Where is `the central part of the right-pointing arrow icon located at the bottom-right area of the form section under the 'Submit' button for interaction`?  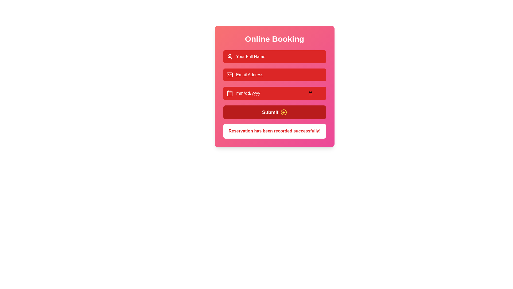
the central part of the right-pointing arrow icon located at the bottom-right area of the form section under the 'Submit' button for interaction is located at coordinates (283, 112).